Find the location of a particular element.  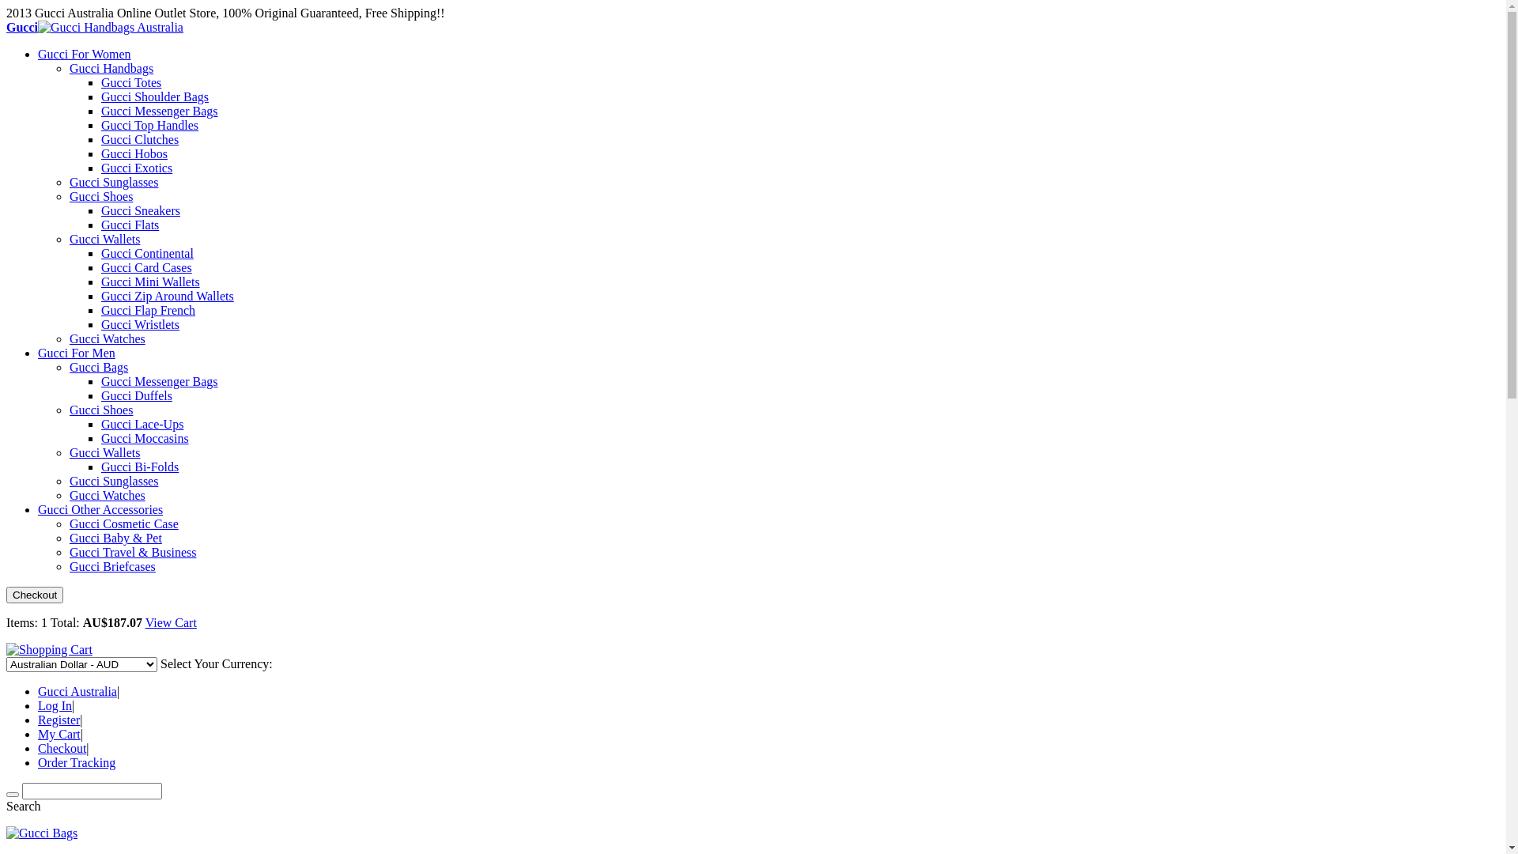

'Gucci Exotics' is located at coordinates (100, 168).